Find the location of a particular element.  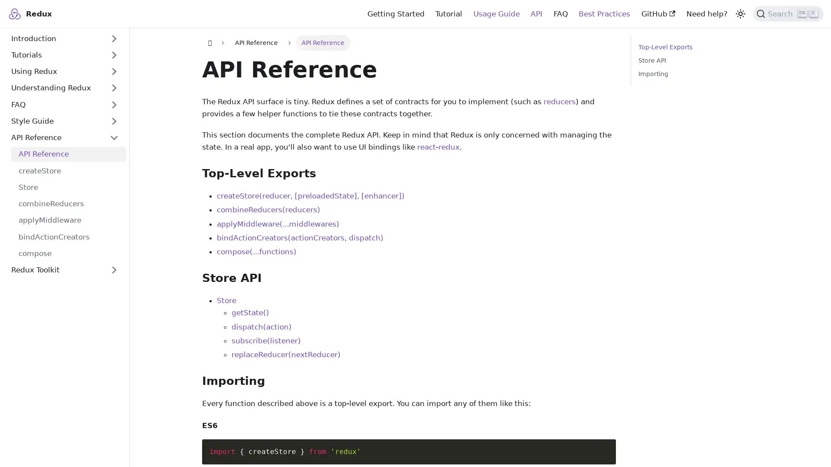

Search is located at coordinates (788, 13).